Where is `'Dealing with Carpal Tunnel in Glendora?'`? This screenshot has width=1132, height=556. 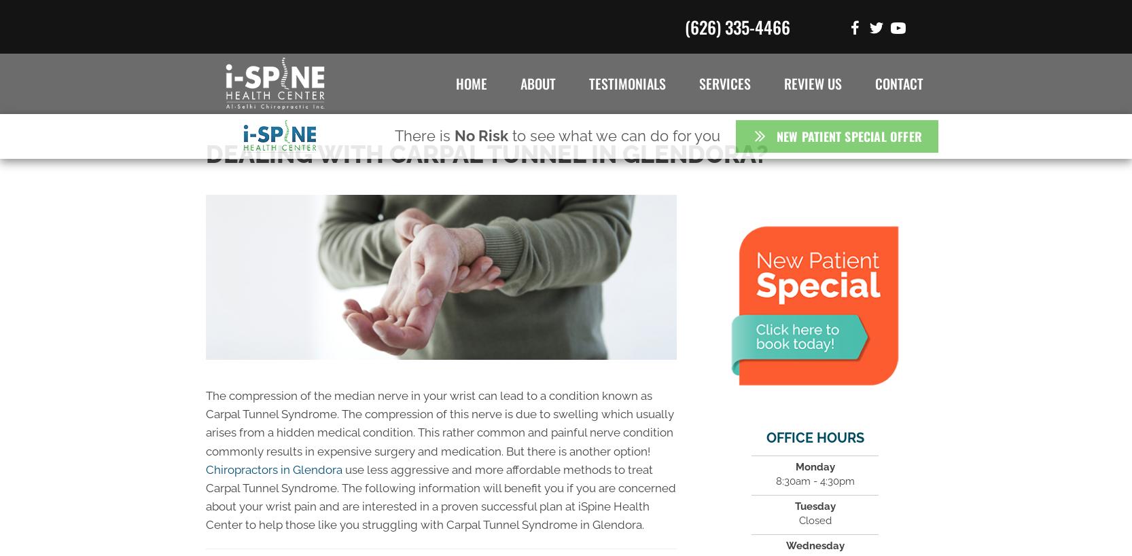
'Dealing with Carpal Tunnel in Glendora?' is located at coordinates (487, 153).